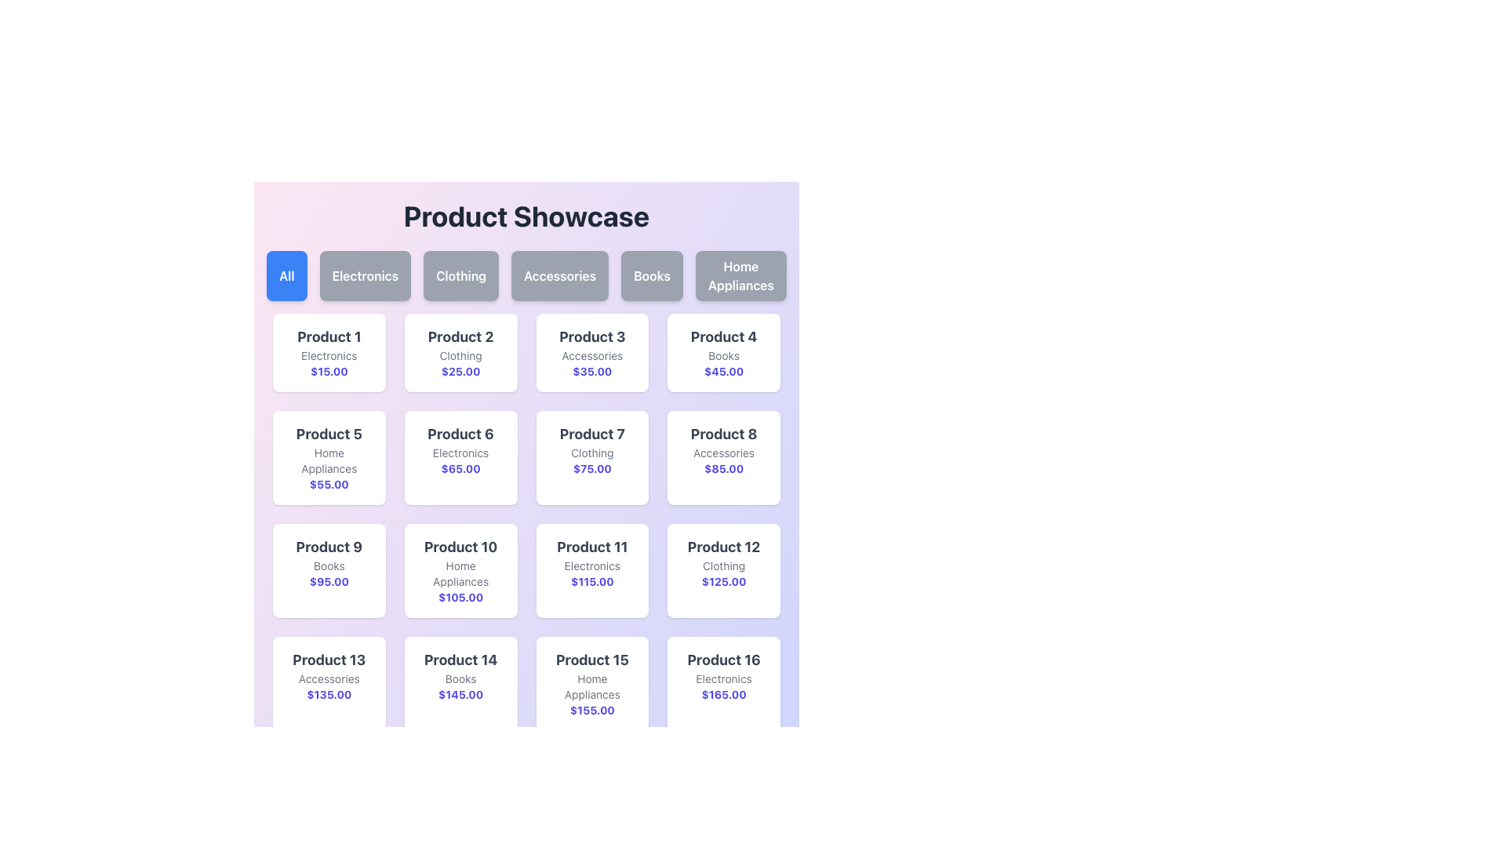 This screenshot has width=1506, height=847. What do you see at coordinates (364, 274) in the screenshot?
I see `the 'Electronics' button, which is the second button in a row of six` at bounding box center [364, 274].